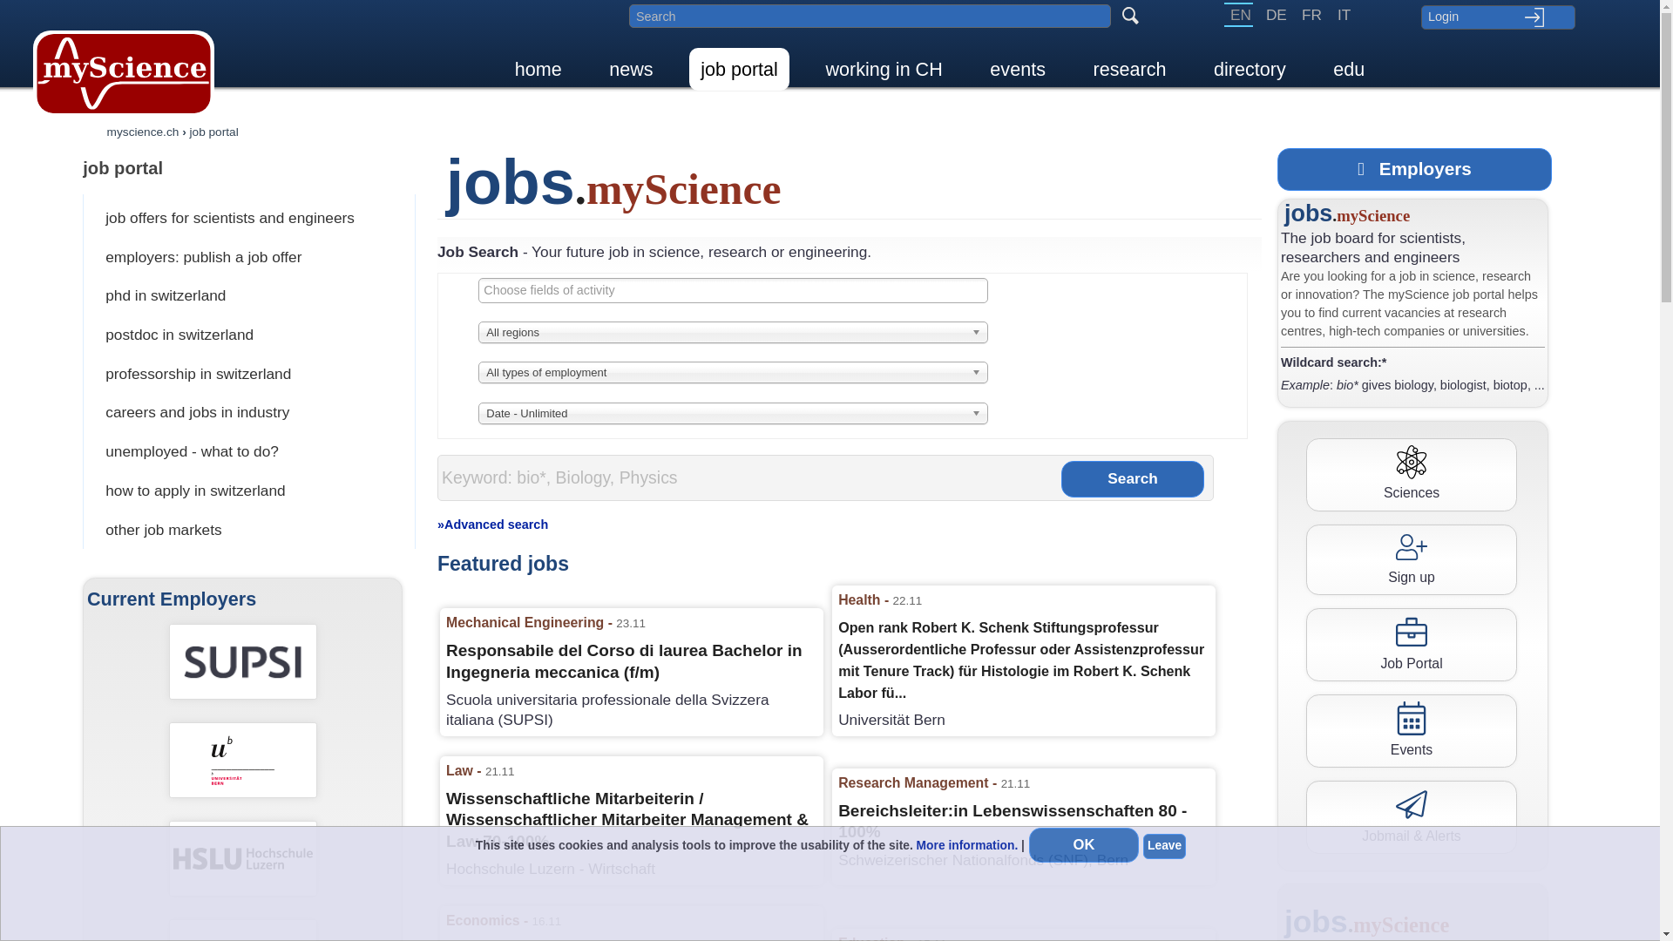  I want to click on 'careers and jobs in industry', so click(249, 412).